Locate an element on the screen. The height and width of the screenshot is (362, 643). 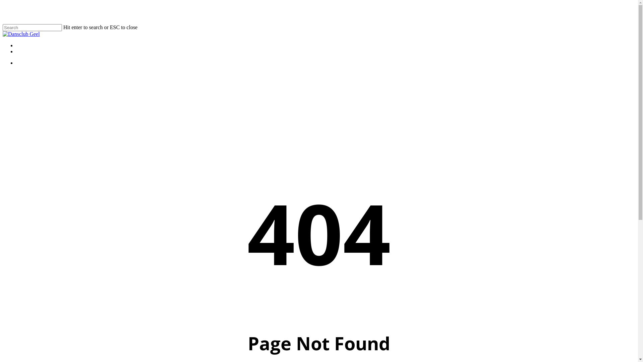
'Skip to main content' is located at coordinates (2, 2).